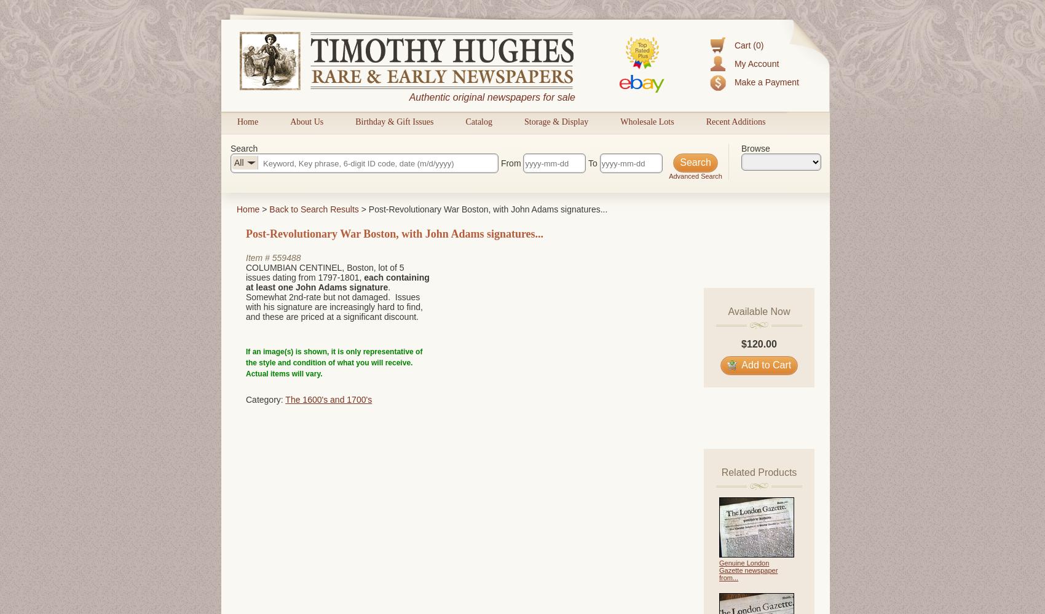 Image resolution: width=1045 pixels, height=614 pixels. What do you see at coordinates (491, 97) in the screenshot?
I see `'Authentic original newspapers for sale'` at bounding box center [491, 97].